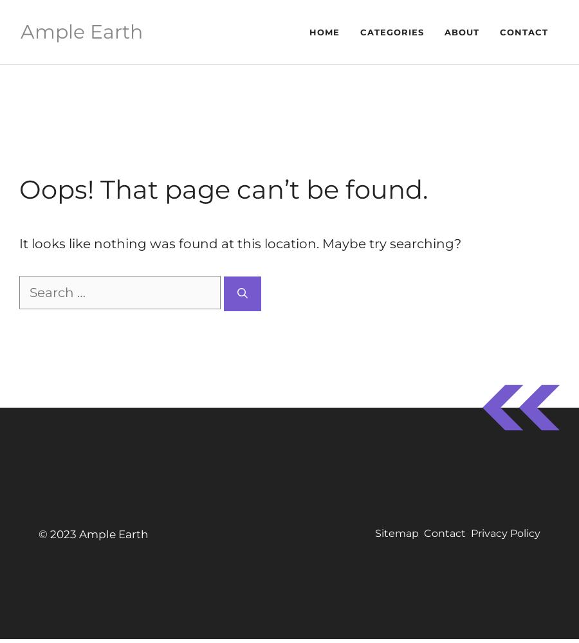  What do you see at coordinates (223, 189) in the screenshot?
I see `'Oops! That page can’t be found.'` at bounding box center [223, 189].